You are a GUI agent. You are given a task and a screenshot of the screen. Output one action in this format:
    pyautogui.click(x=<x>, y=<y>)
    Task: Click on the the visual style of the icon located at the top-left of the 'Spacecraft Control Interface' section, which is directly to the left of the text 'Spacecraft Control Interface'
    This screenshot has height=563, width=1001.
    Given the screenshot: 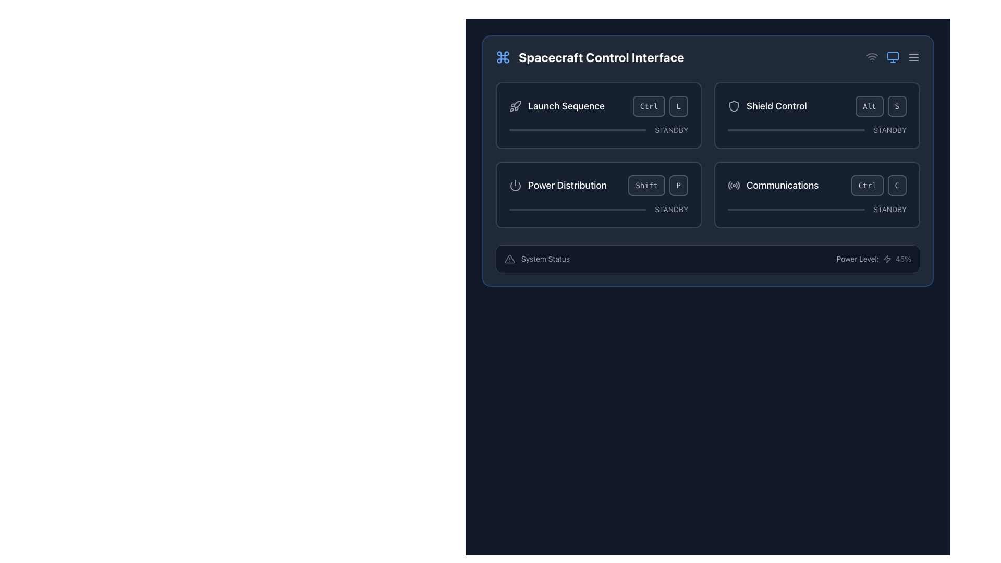 What is the action you would take?
    pyautogui.click(x=503, y=57)
    